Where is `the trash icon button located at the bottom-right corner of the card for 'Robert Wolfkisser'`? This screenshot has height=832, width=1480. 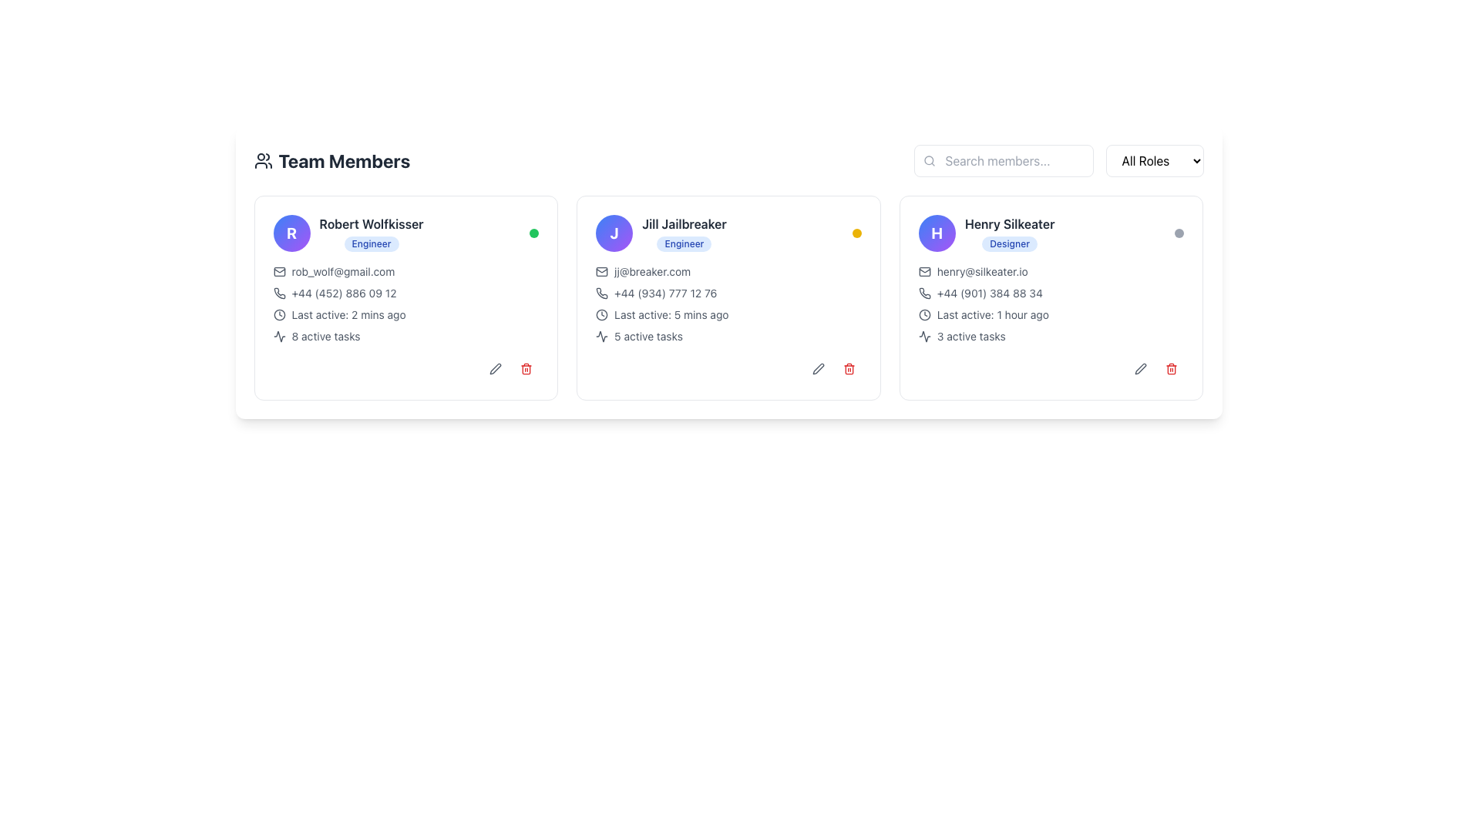
the trash icon button located at the bottom-right corner of the card for 'Robert Wolfkisser' is located at coordinates (526, 368).